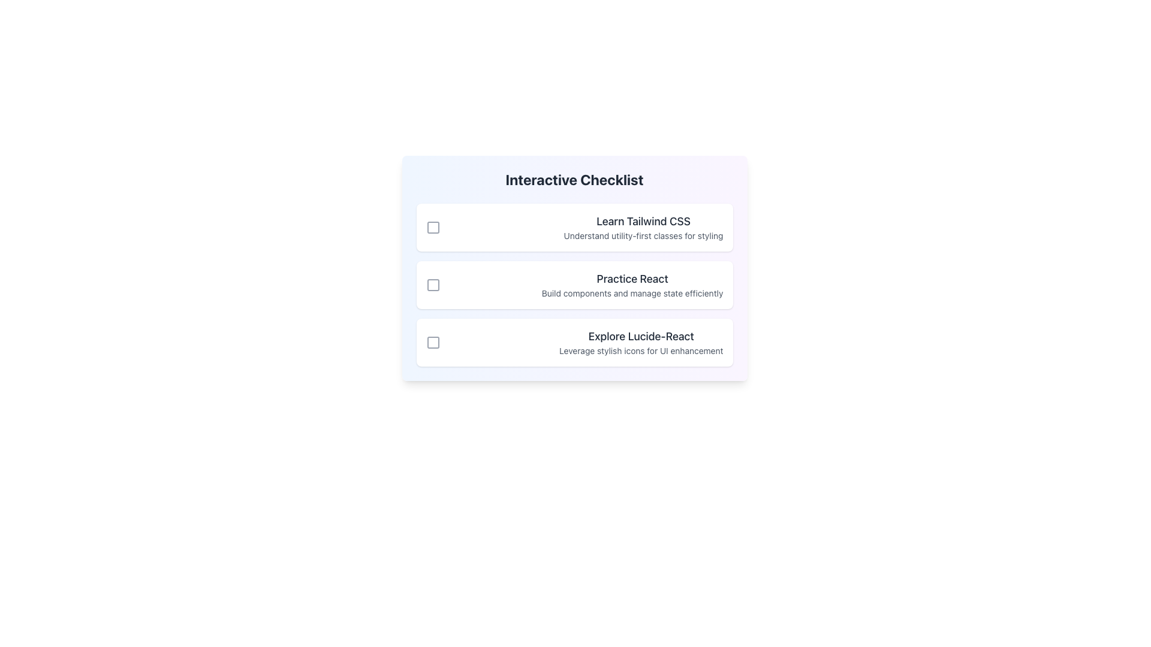  I want to click on text element displaying the phrase 'Leverage stylish icons for UI enhancement' located beneath the header 'Explore Lucide-React', so click(640, 350).